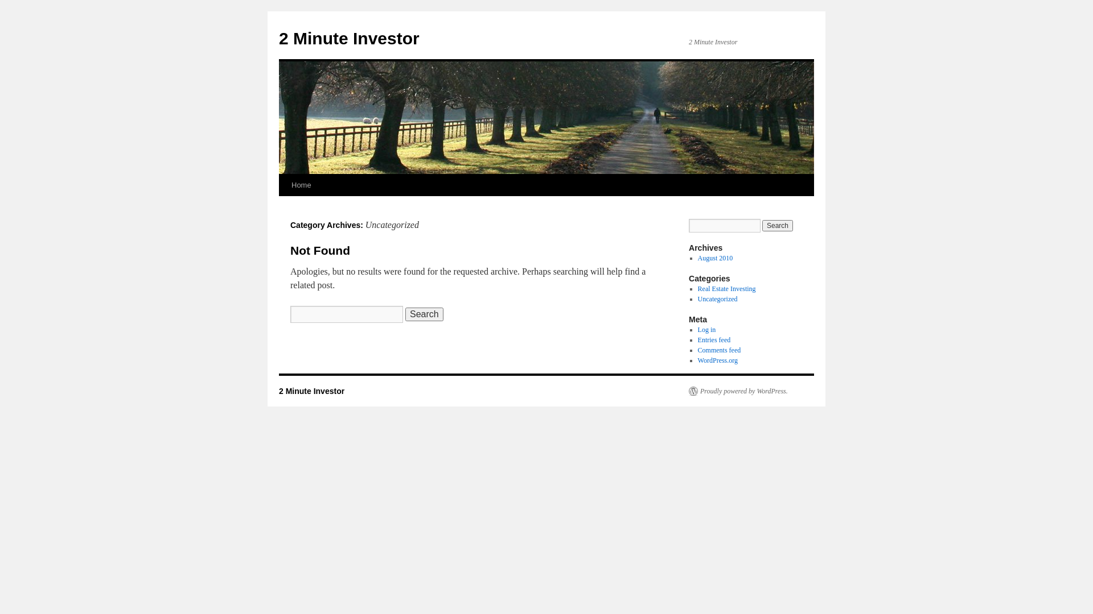 Image resolution: width=1093 pixels, height=614 pixels. I want to click on 'Entries feed', so click(697, 339).